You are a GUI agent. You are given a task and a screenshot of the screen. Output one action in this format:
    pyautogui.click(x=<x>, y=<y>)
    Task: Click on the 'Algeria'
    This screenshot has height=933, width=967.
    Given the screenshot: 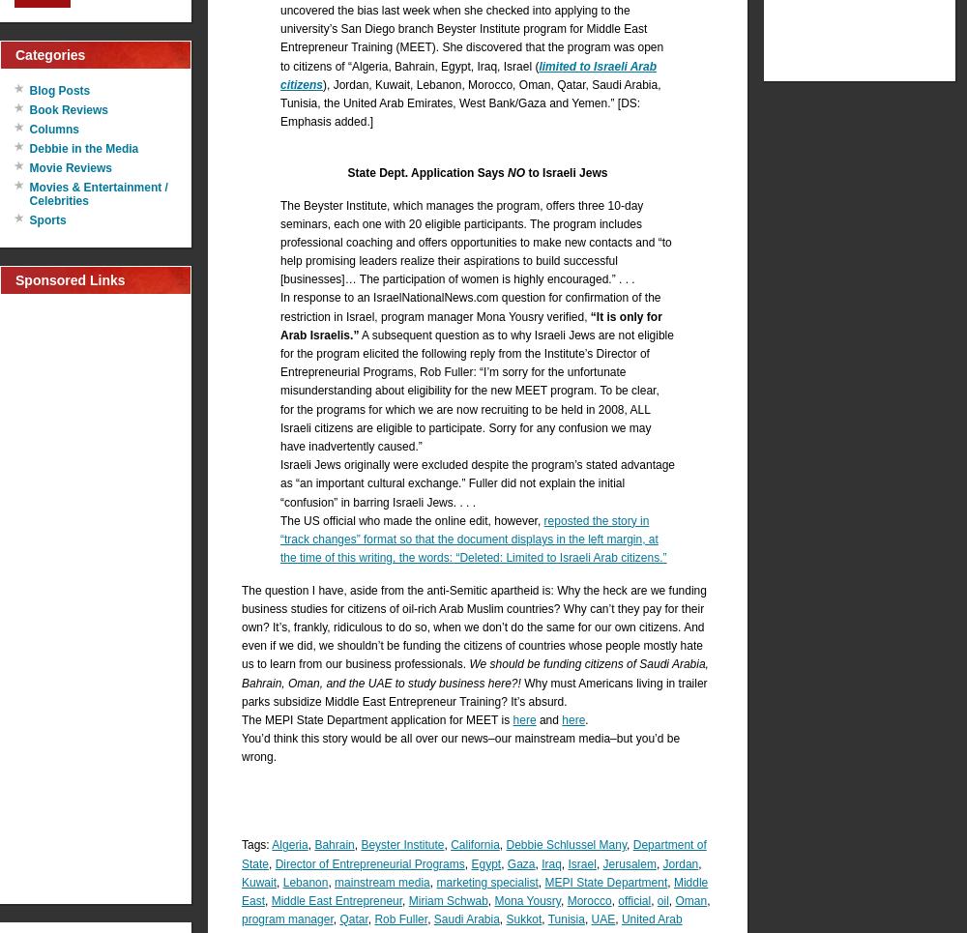 What is the action you would take?
    pyautogui.click(x=289, y=845)
    